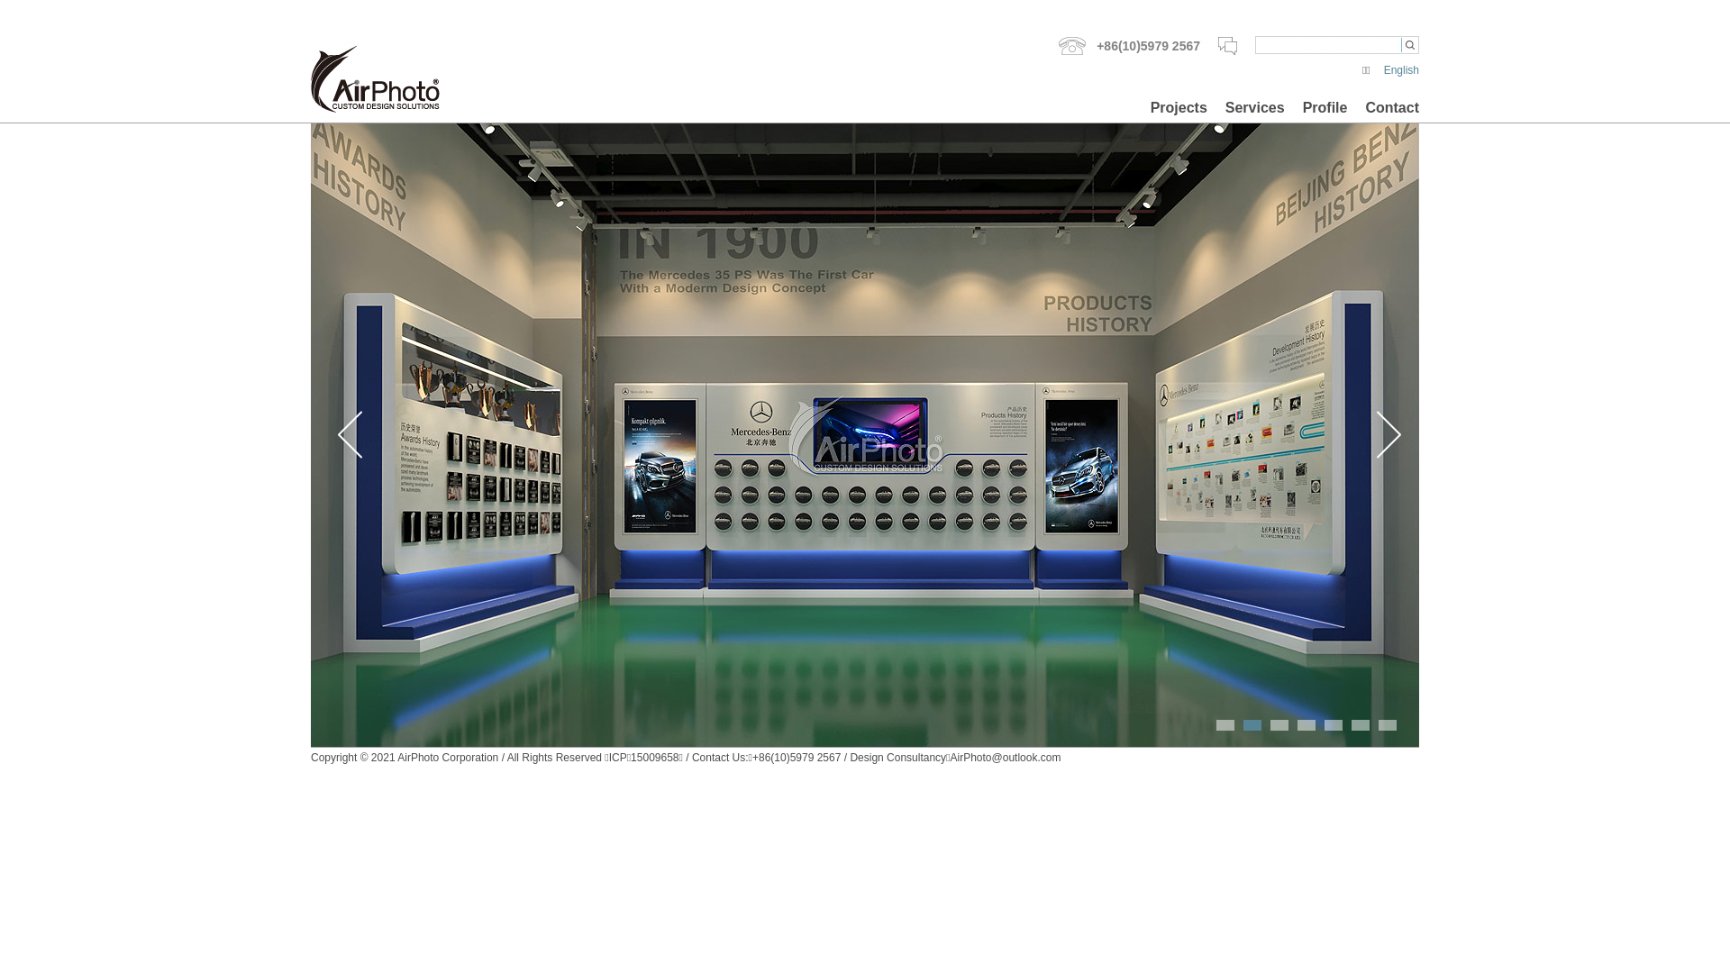 The width and height of the screenshot is (1730, 973). I want to click on '+86(10)5979 2567', so click(1128, 44).